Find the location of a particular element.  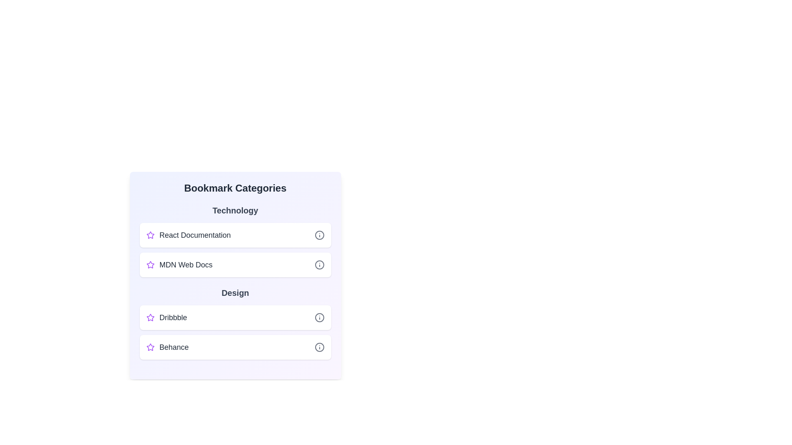

information icon next to the bookmark titled React Documentation is located at coordinates (319, 235).